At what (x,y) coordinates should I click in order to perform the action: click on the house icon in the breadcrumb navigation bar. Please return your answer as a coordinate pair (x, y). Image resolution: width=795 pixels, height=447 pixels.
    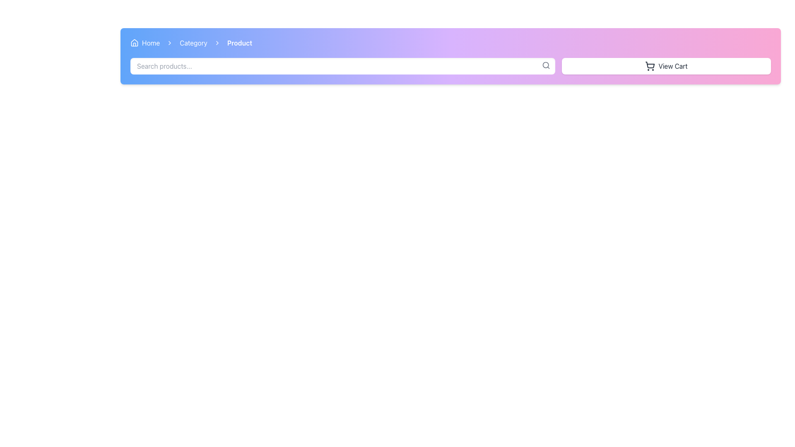
    Looking at the image, I should click on (135, 43).